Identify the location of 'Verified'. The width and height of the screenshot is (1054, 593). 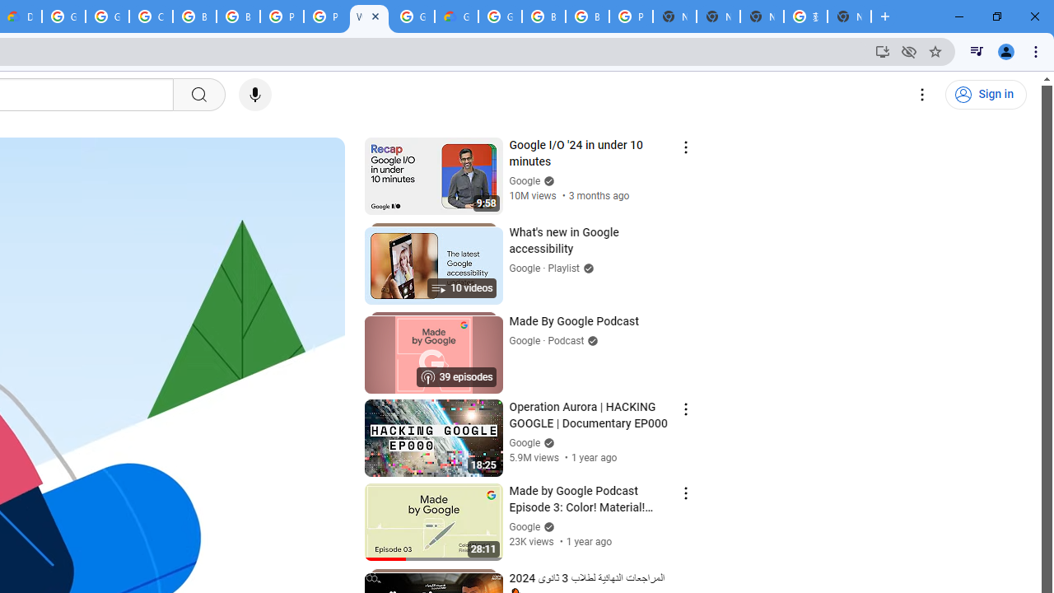
(547, 526).